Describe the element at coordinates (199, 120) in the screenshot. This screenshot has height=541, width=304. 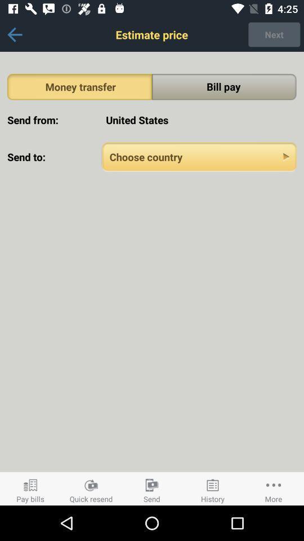
I see `the item next to send from: icon` at that location.